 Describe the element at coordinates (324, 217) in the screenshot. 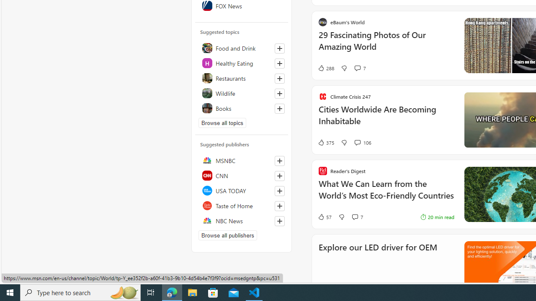

I see `'57 Like'` at that location.